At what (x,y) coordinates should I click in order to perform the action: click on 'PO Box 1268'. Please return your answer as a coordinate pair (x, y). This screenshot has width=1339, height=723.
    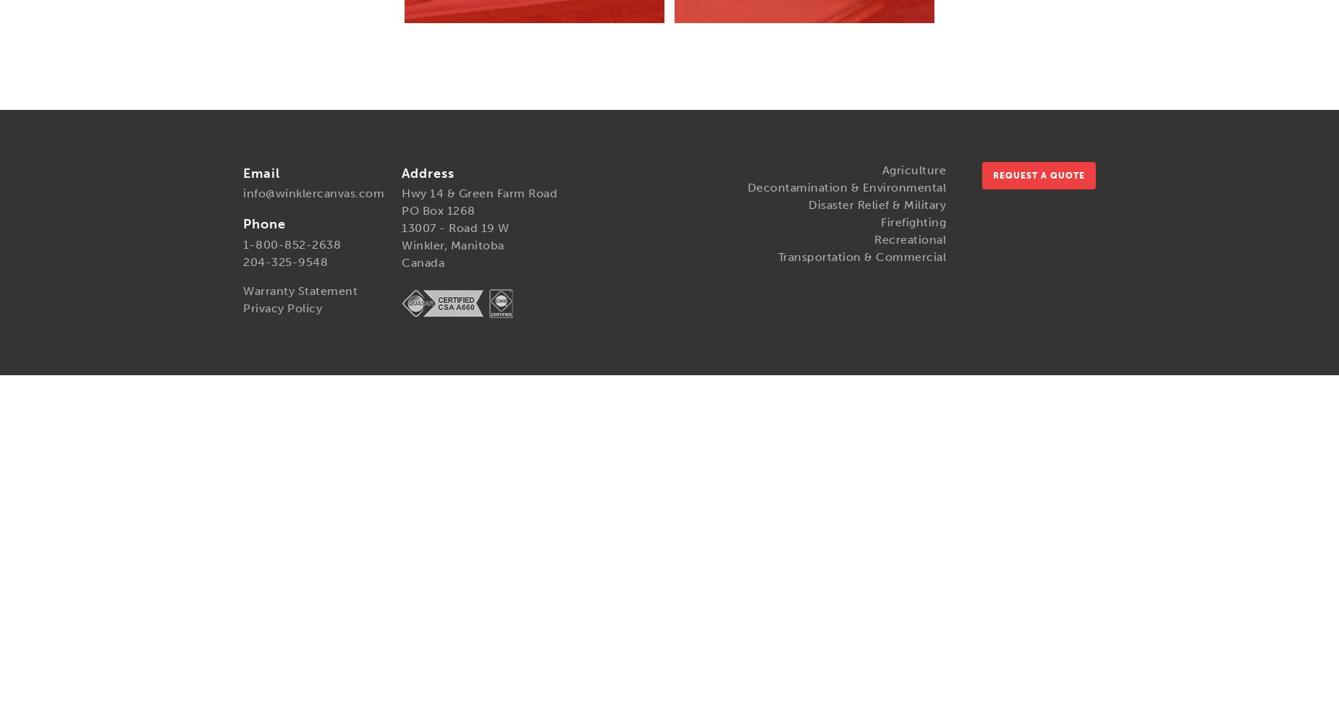
    Looking at the image, I should click on (438, 210).